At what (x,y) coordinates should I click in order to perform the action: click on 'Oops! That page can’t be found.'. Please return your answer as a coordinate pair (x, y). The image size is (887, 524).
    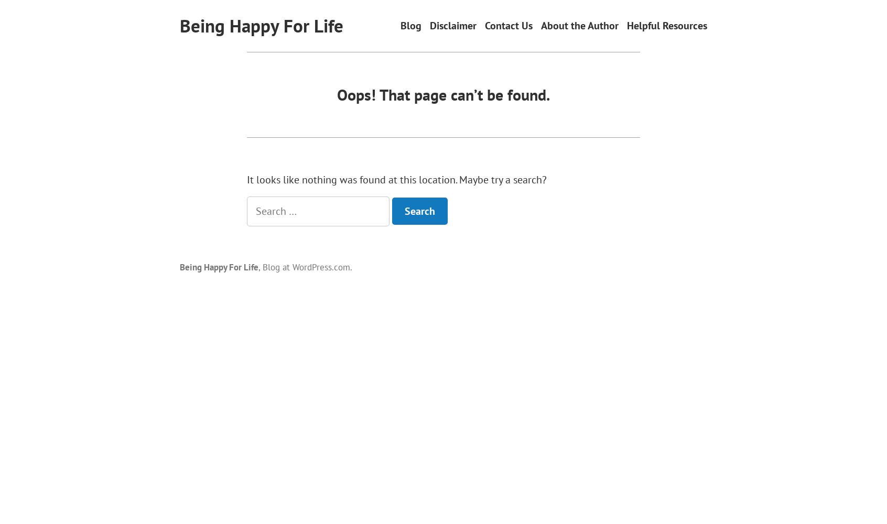
    Looking at the image, I should click on (443, 94).